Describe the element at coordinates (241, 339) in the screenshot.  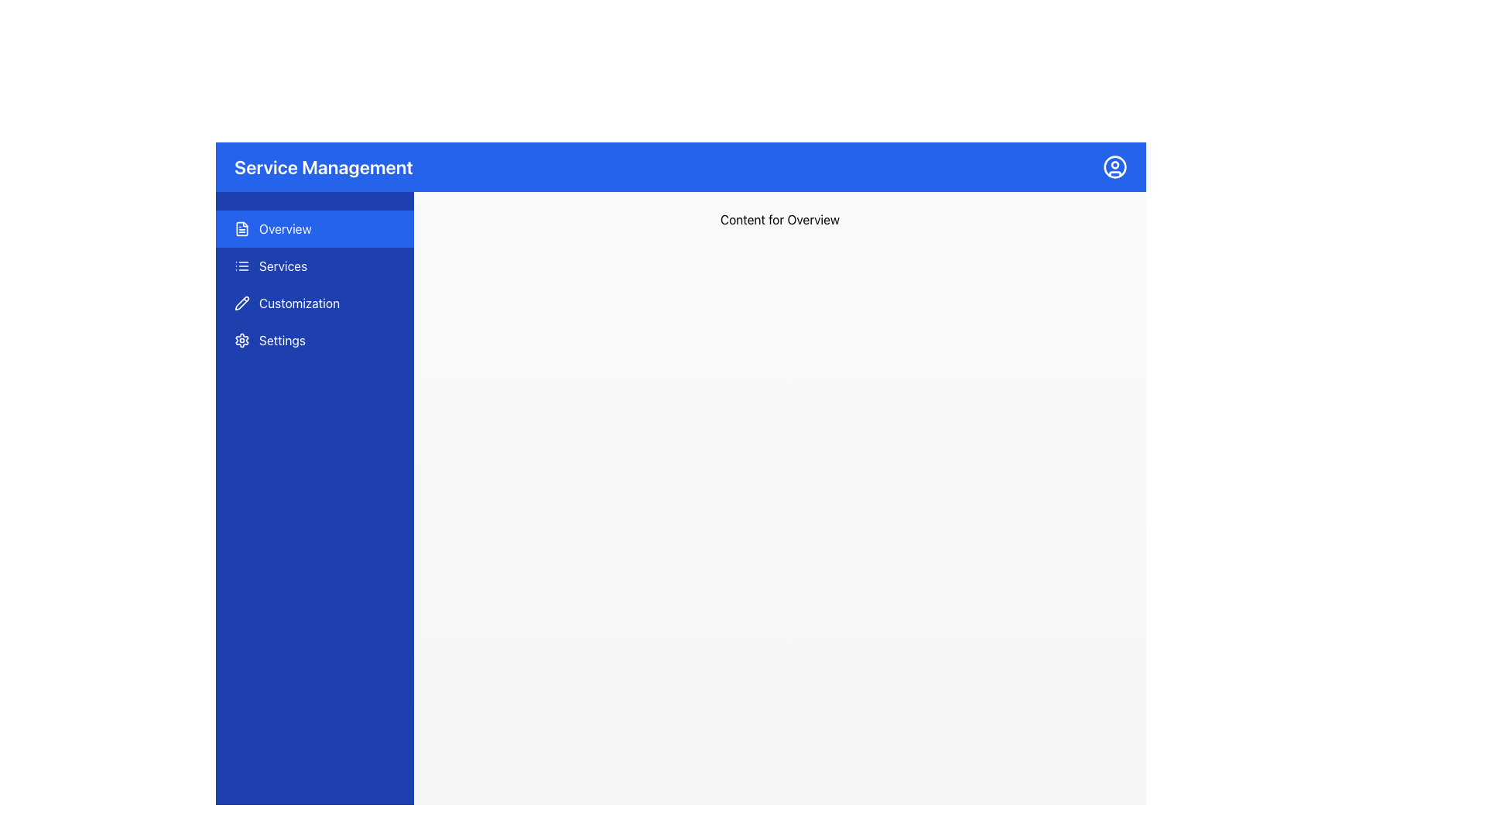
I see `the gear-like settings icon, which is the fourth item in the vertical navigation bar on the left side of the interface` at that location.